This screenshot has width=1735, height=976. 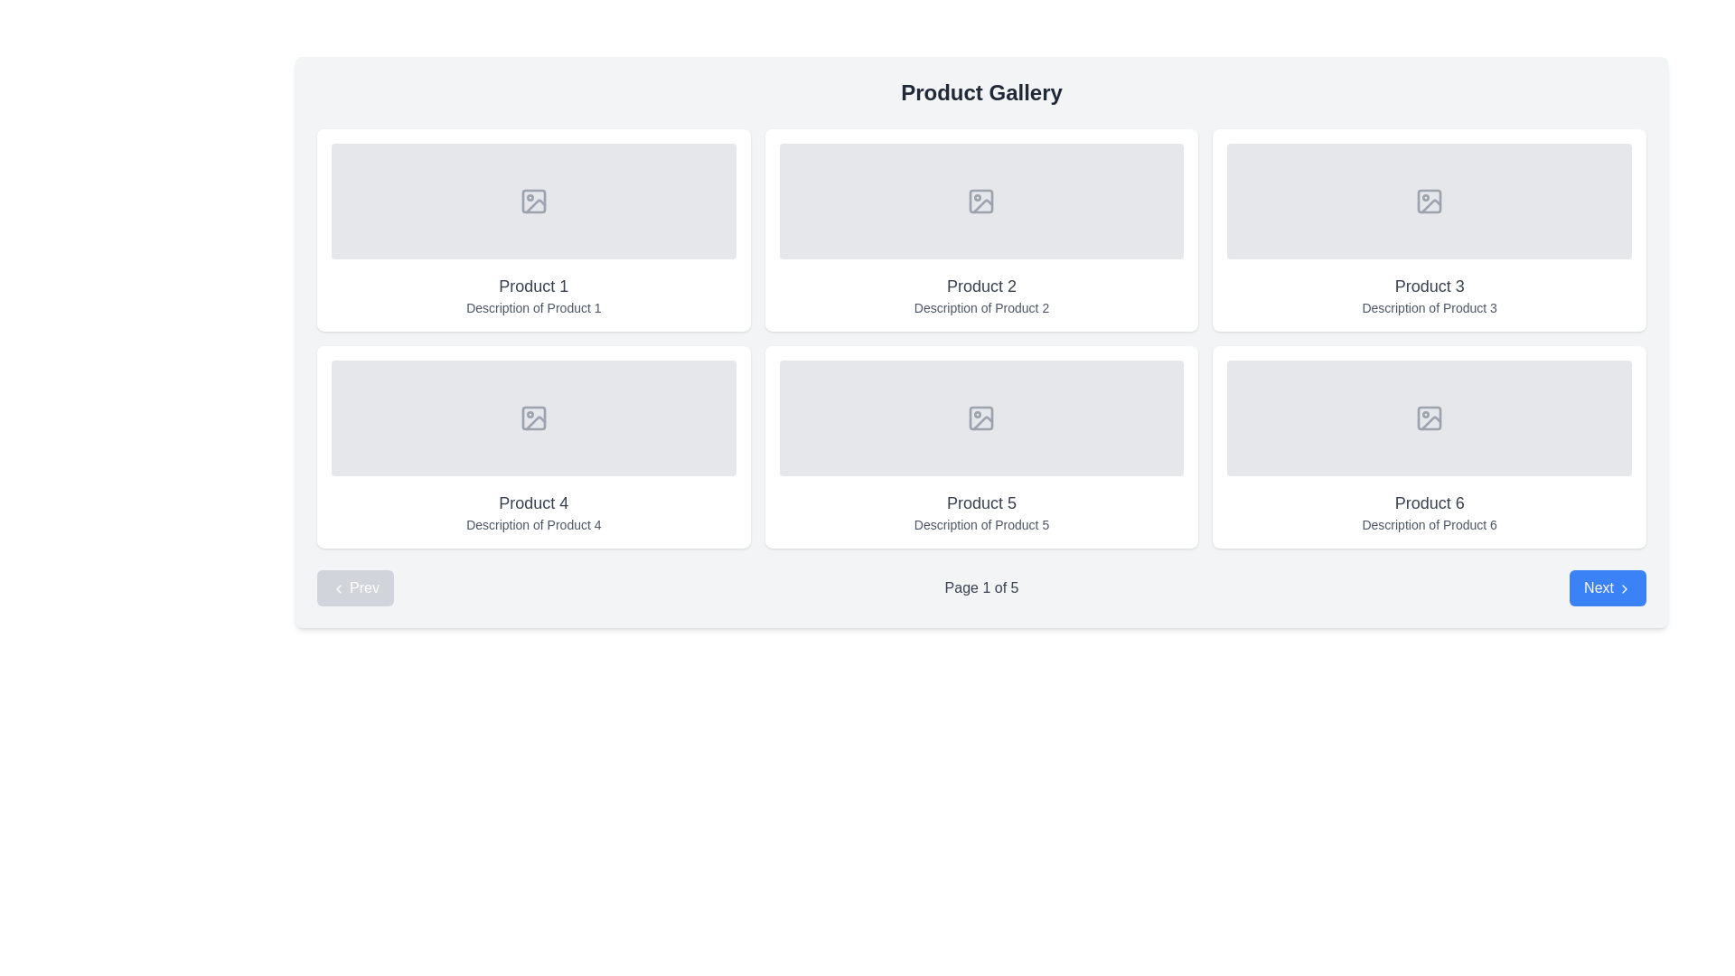 I want to click on the text label displaying 'Description of Product 1', which is positioned below the 'Product 1' header within the same card-like UI component, so click(x=532, y=306).